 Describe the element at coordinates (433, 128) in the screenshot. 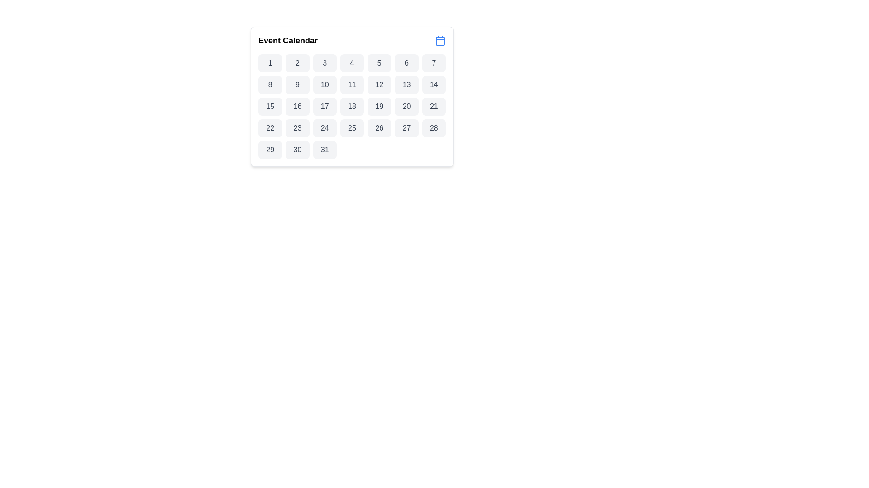

I see `the square button with rounded corners displaying the number '28' in gray text on a light gray background, located in the calendar interface` at that location.